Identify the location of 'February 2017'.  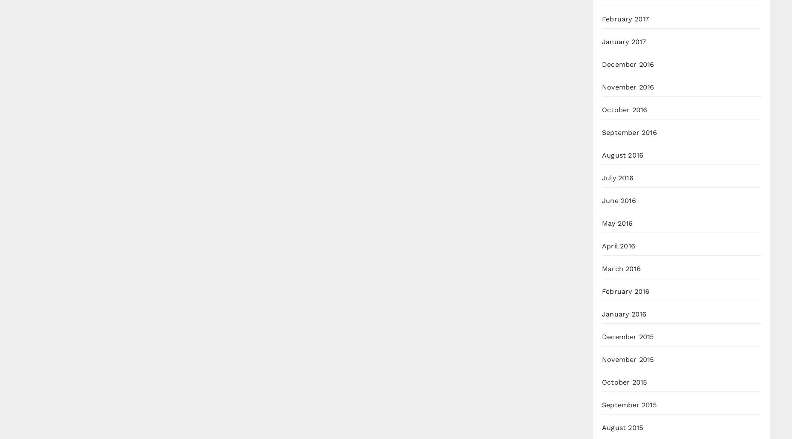
(602, 19).